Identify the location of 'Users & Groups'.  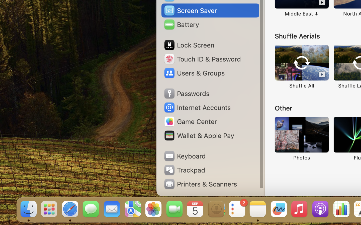
(194, 72).